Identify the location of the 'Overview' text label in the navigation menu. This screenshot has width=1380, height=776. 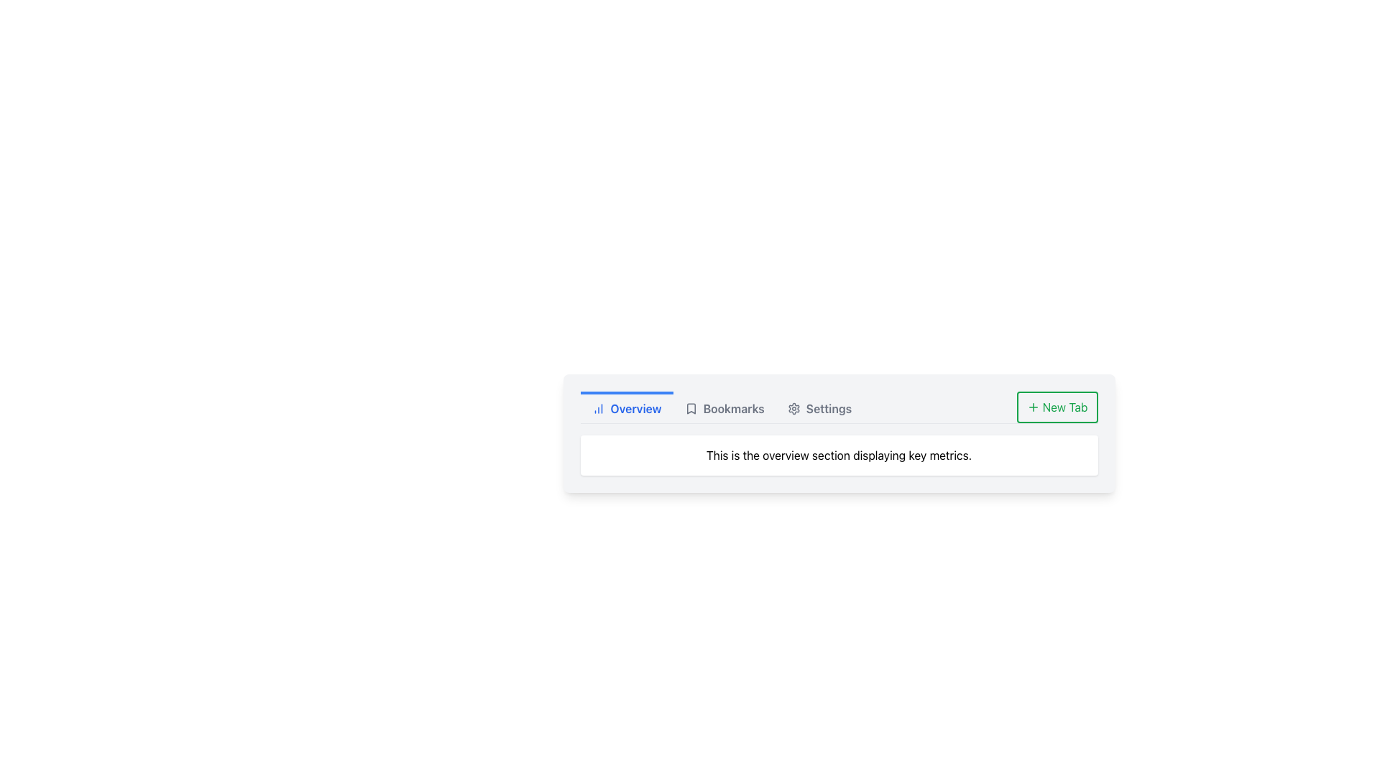
(635, 409).